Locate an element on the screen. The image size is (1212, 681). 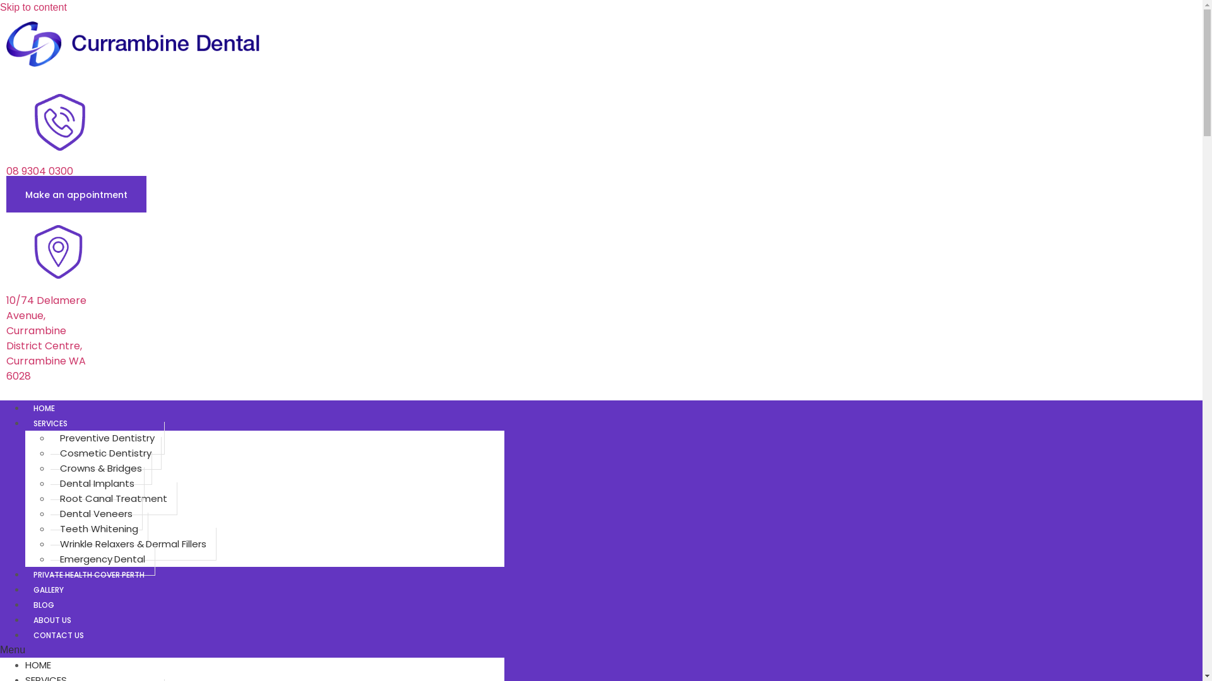
'Cosmetic Dentistry' is located at coordinates (106, 452).